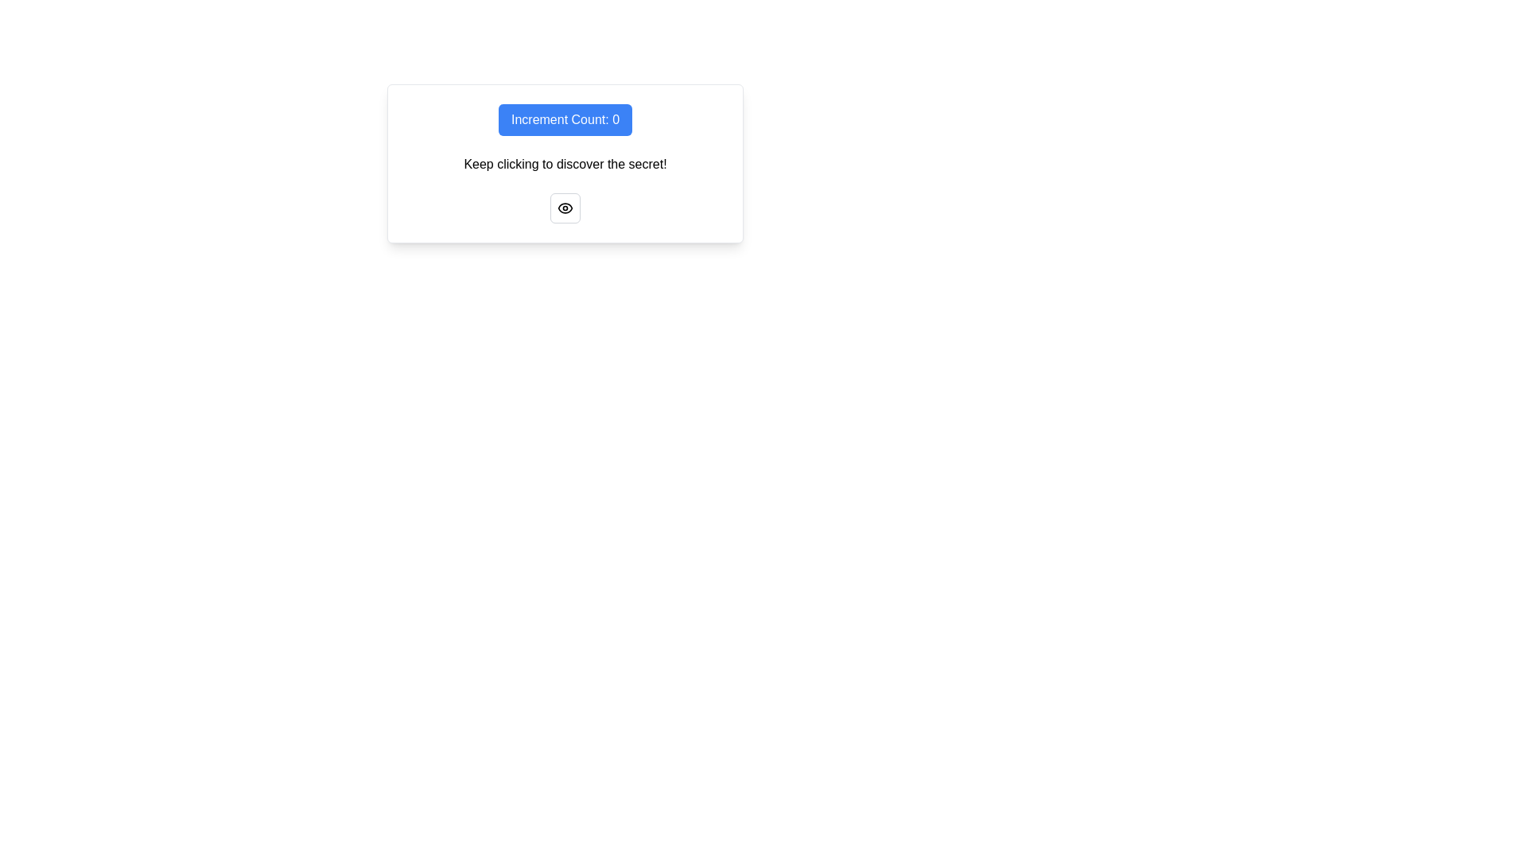  Describe the element at coordinates (565, 208) in the screenshot. I see `the eye-shaped icon button with a white background and light gray border` at that location.